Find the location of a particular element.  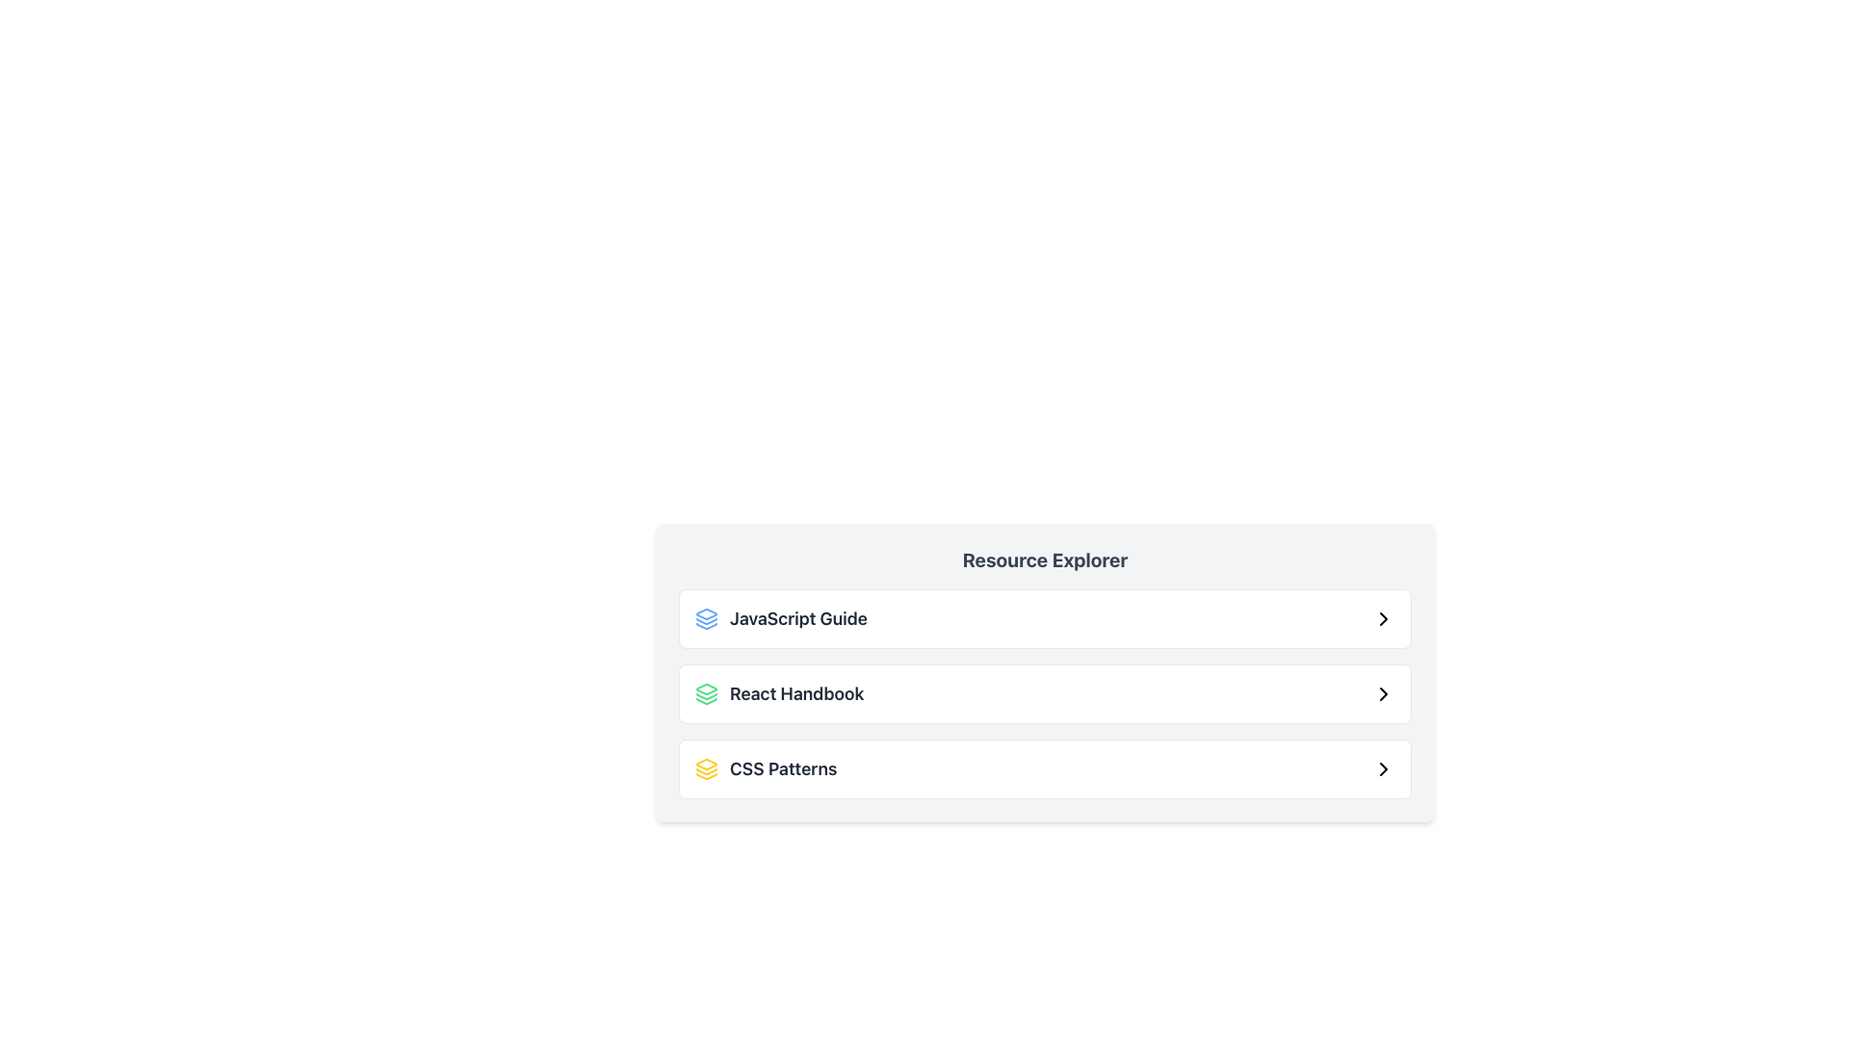

the 'React Handbook' button, which is the second item in a vertical list of resources is located at coordinates (779, 694).